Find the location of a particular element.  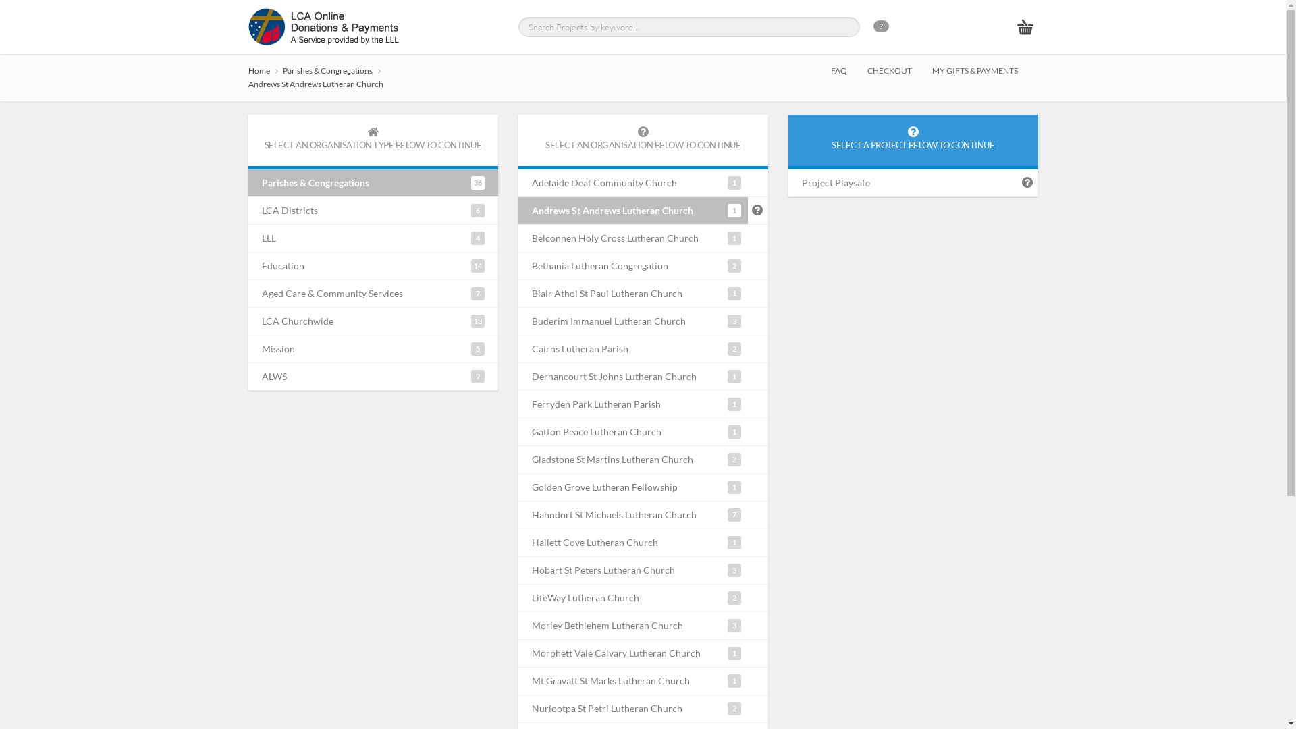

'14 is located at coordinates (373, 265).